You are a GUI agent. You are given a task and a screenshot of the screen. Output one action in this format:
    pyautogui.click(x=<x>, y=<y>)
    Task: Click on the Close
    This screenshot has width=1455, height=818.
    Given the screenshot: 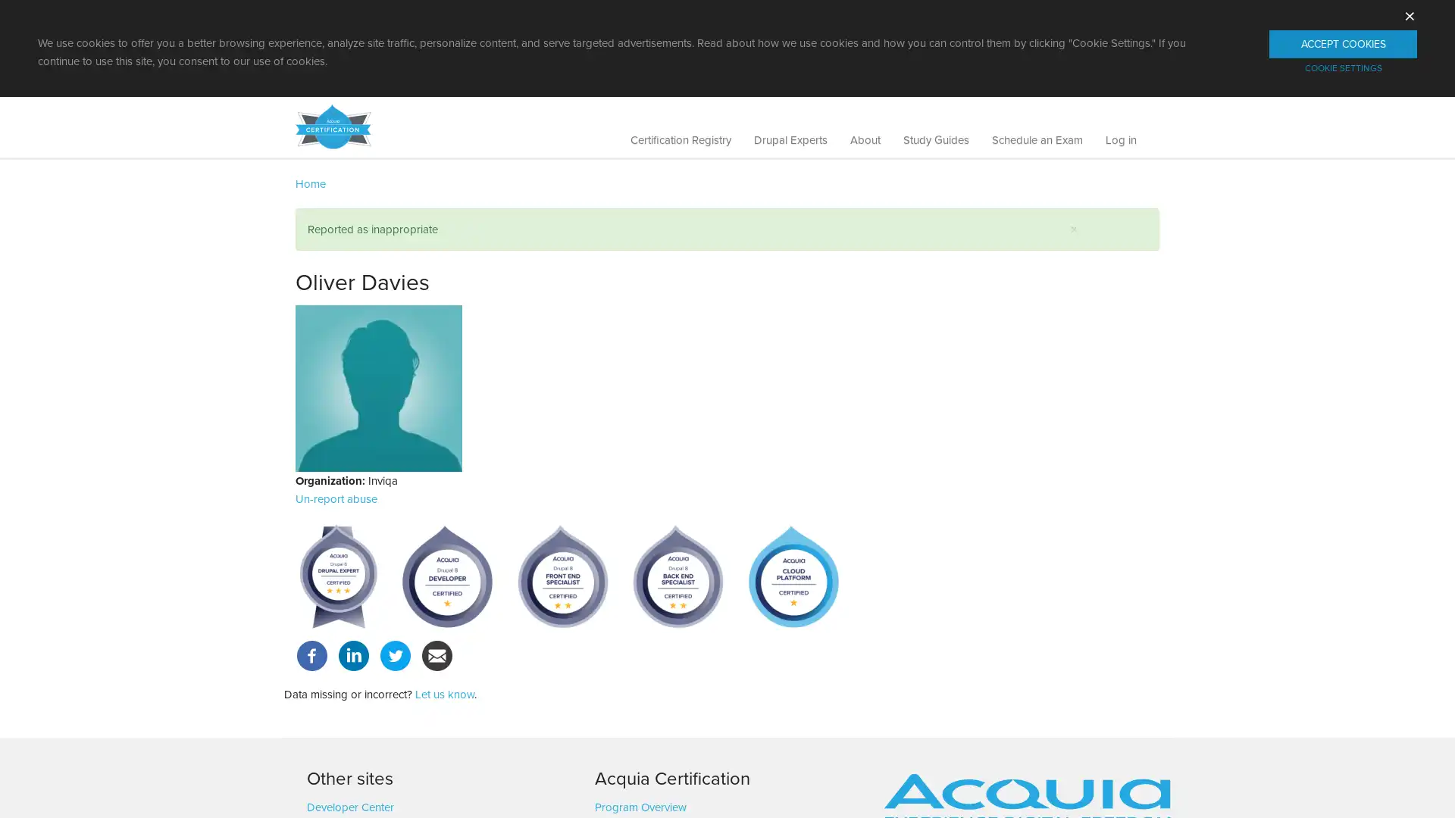 What is the action you would take?
    pyautogui.click(x=1073, y=229)
    